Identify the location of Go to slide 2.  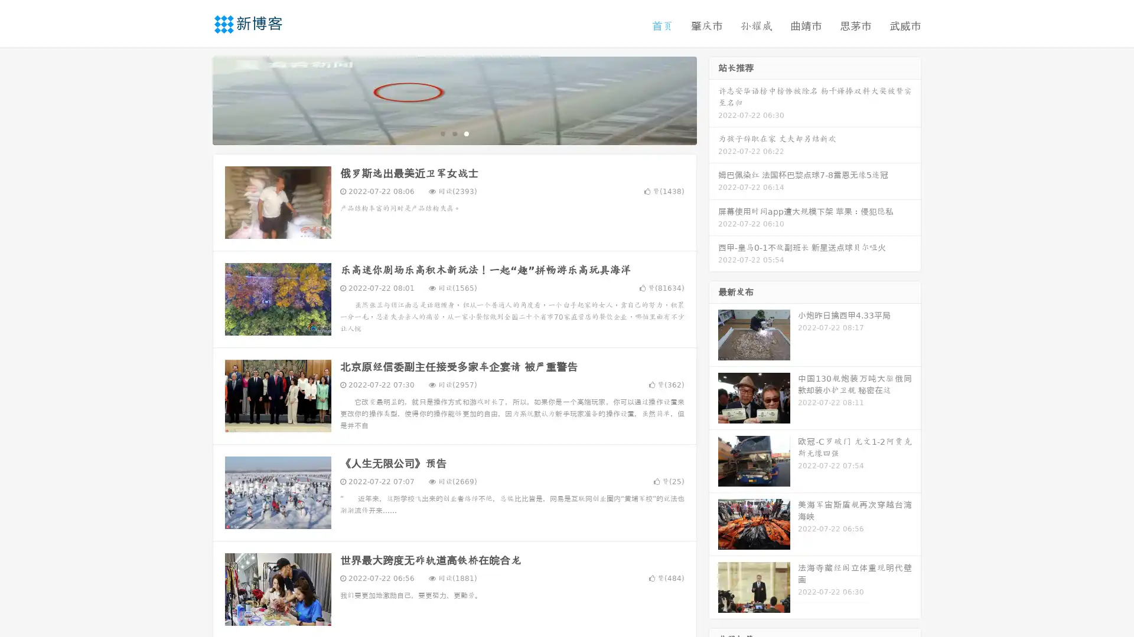
(454, 133).